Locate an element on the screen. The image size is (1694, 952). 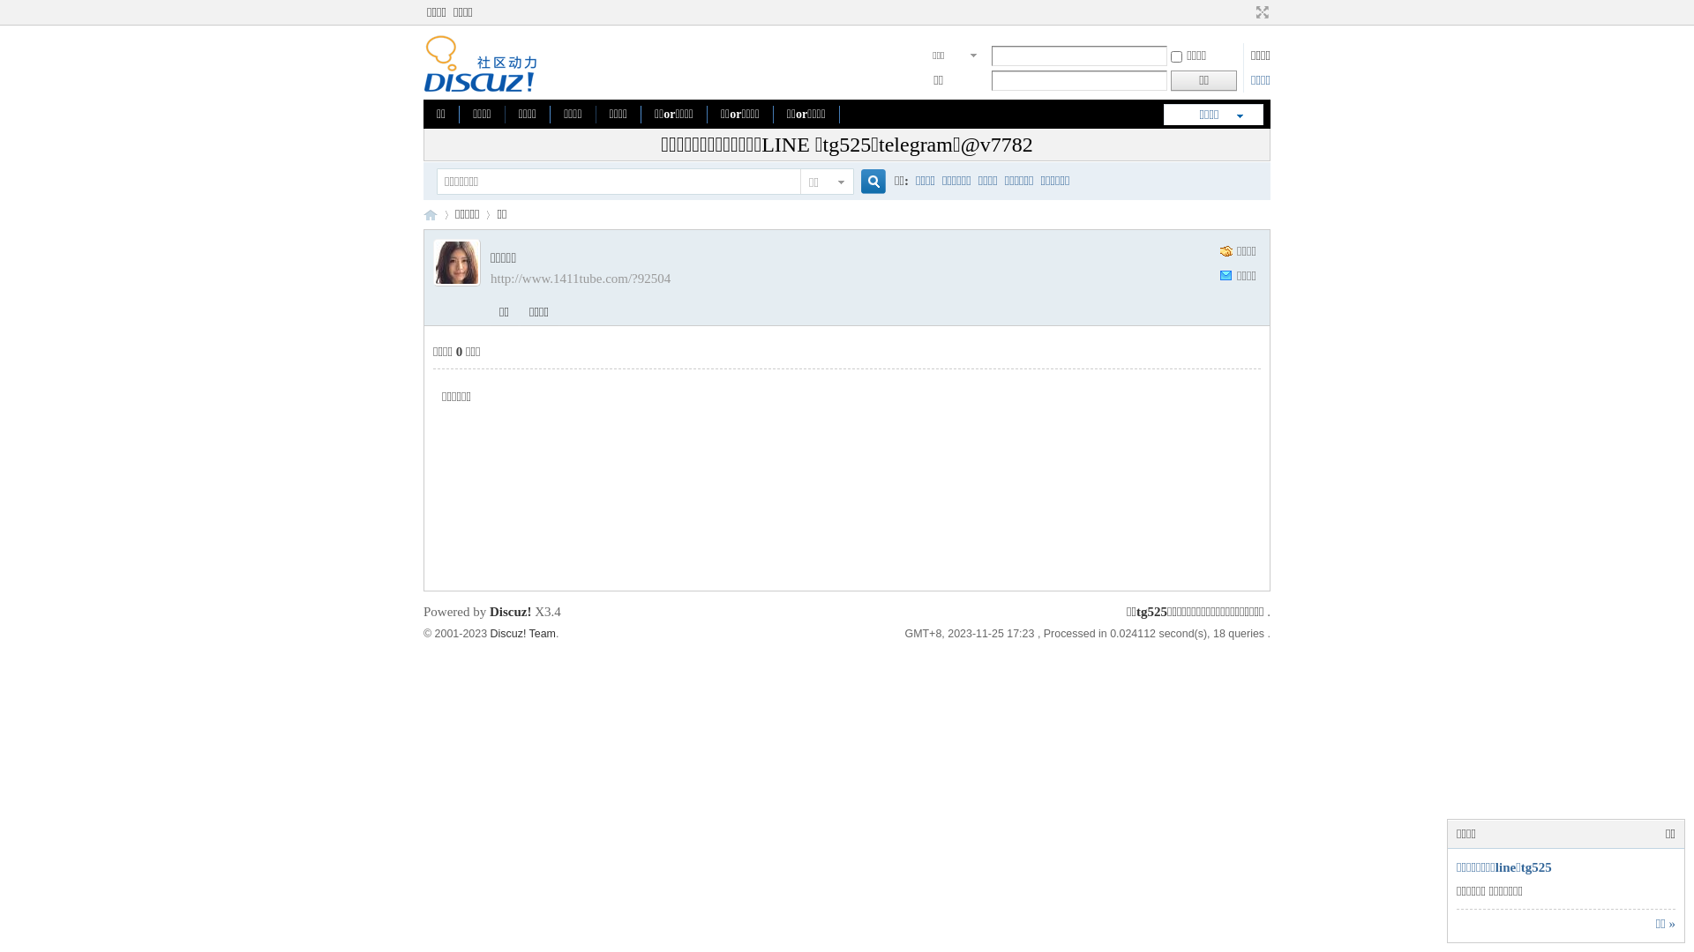
'Discuz! Team' is located at coordinates (522, 632).